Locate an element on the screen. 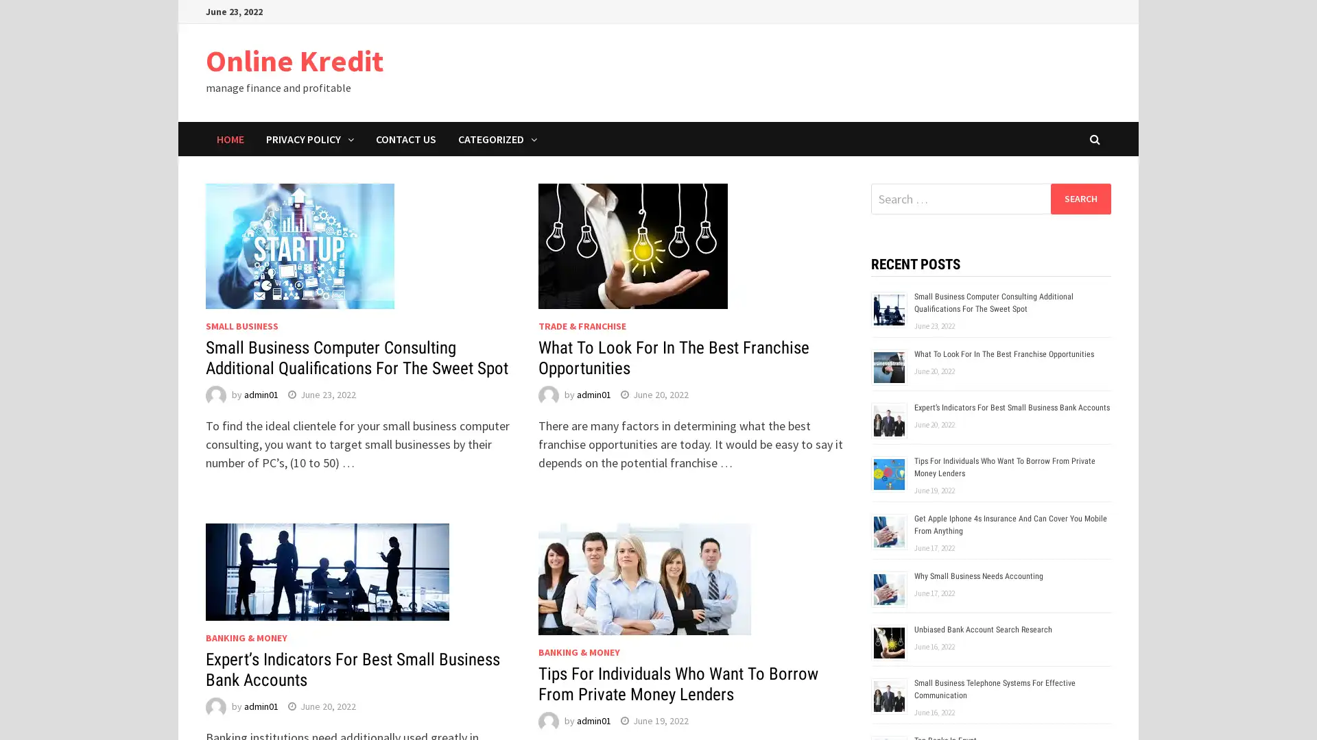 This screenshot has width=1317, height=740. Search is located at coordinates (1080, 198).